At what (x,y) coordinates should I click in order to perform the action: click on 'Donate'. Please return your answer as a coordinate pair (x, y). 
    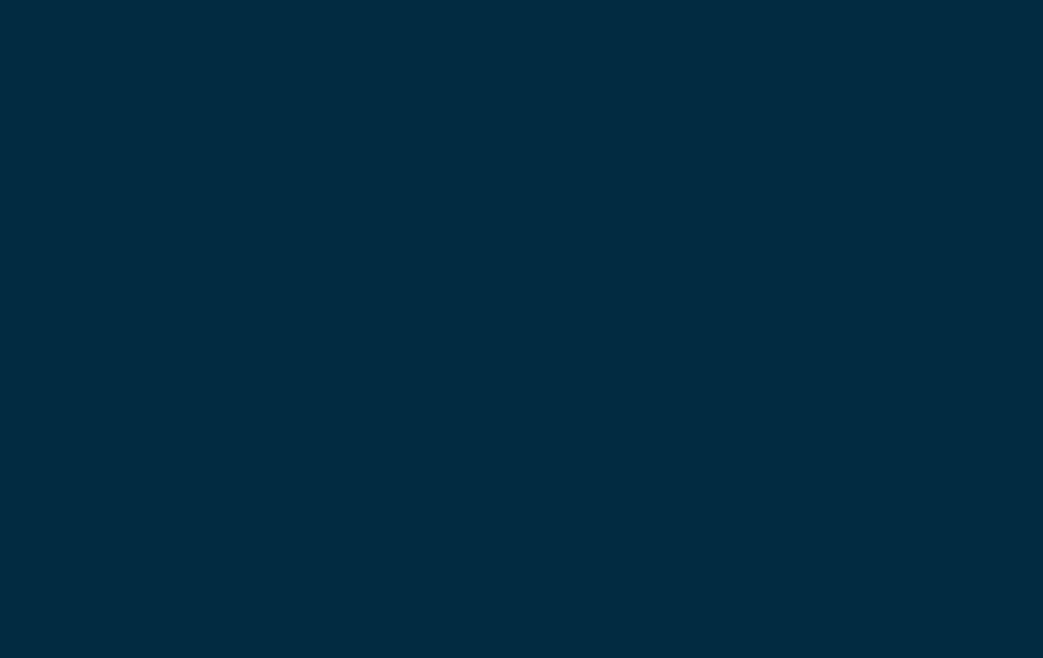
    Looking at the image, I should click on (848, 58).